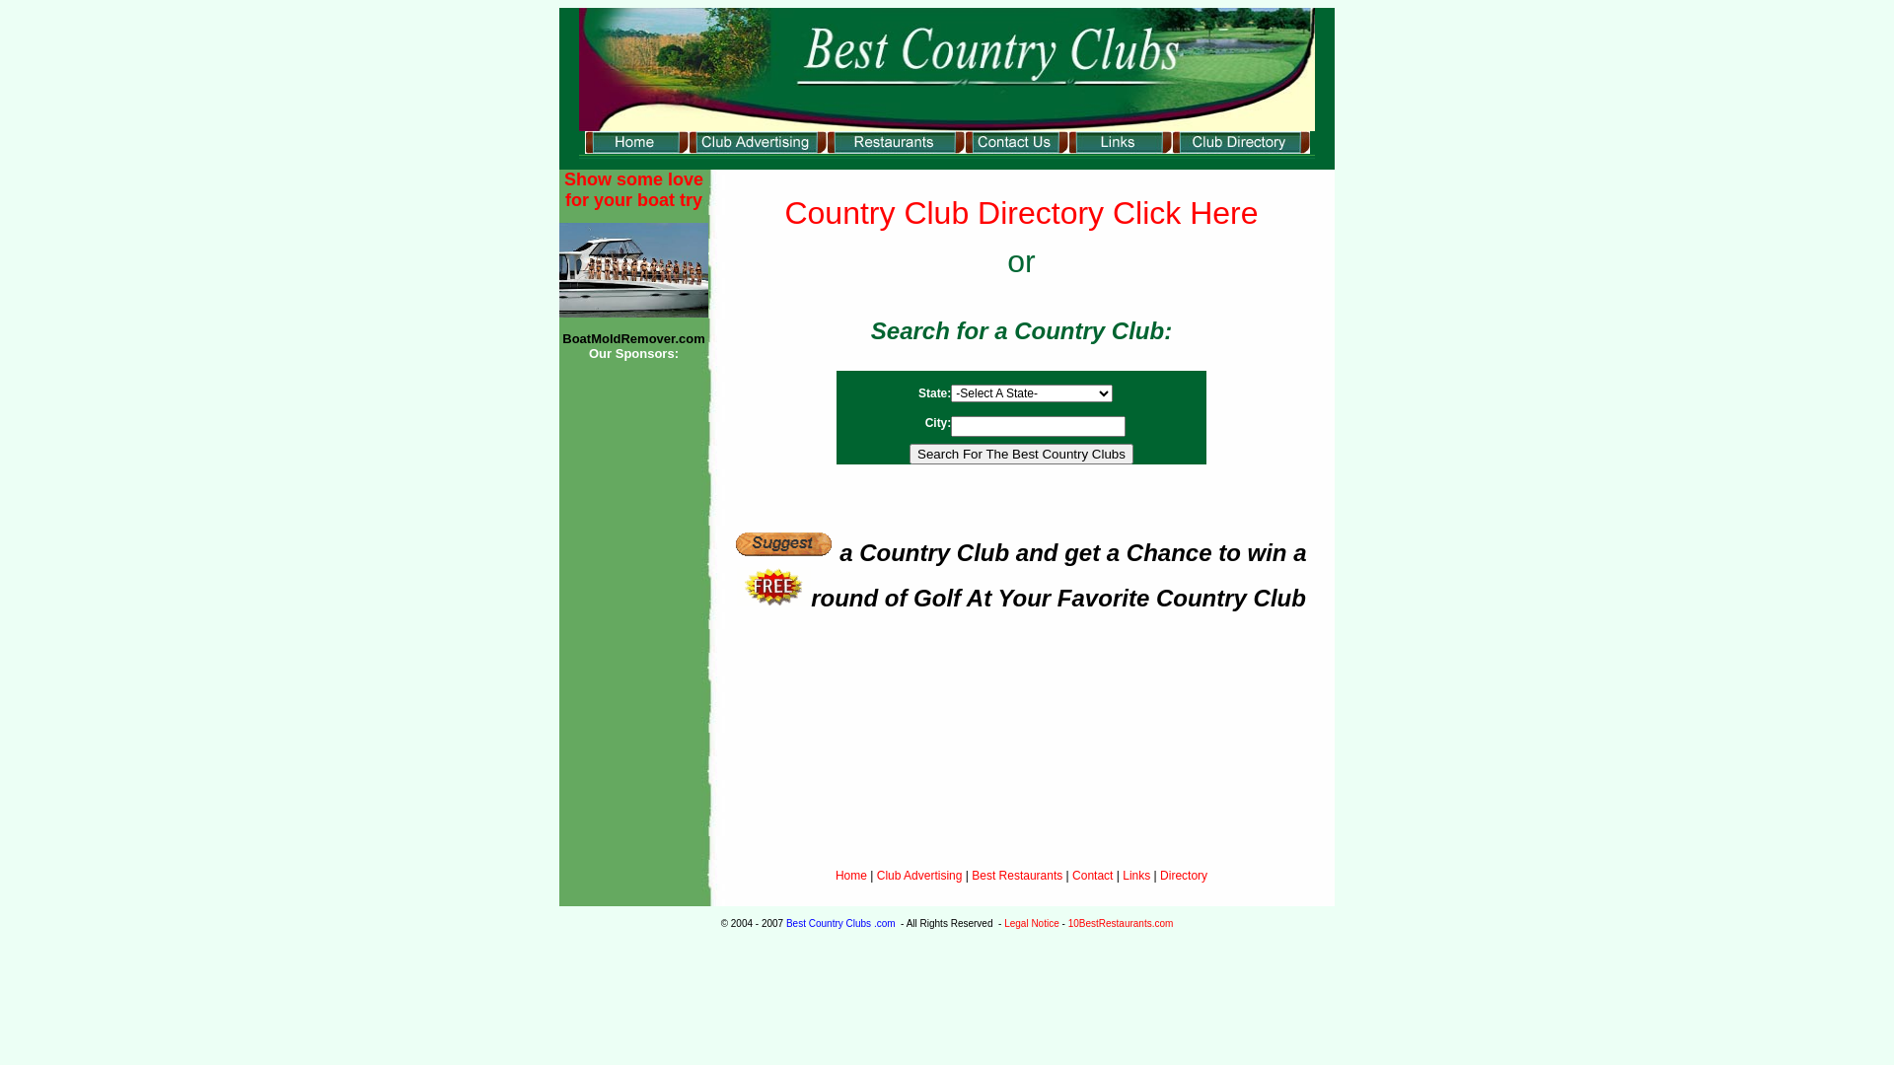 This screenshot has width=1894, height=1065. Describe the element at coordinates (1091, 874) in the screenshot. I see `'Contact'` at that location.